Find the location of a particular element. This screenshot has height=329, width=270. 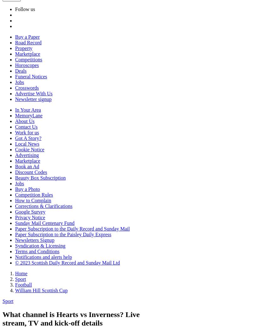

'Discount Codes' is located at coordinates (14, 172).